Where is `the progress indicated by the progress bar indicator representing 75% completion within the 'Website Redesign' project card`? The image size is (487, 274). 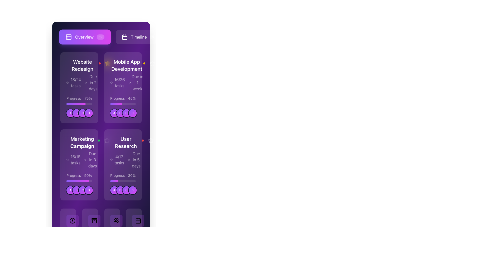 the progress indicated by the progress bar indicator representing 75% completion within the 'Website Redesign' project card is located at coordinates (76, 104).